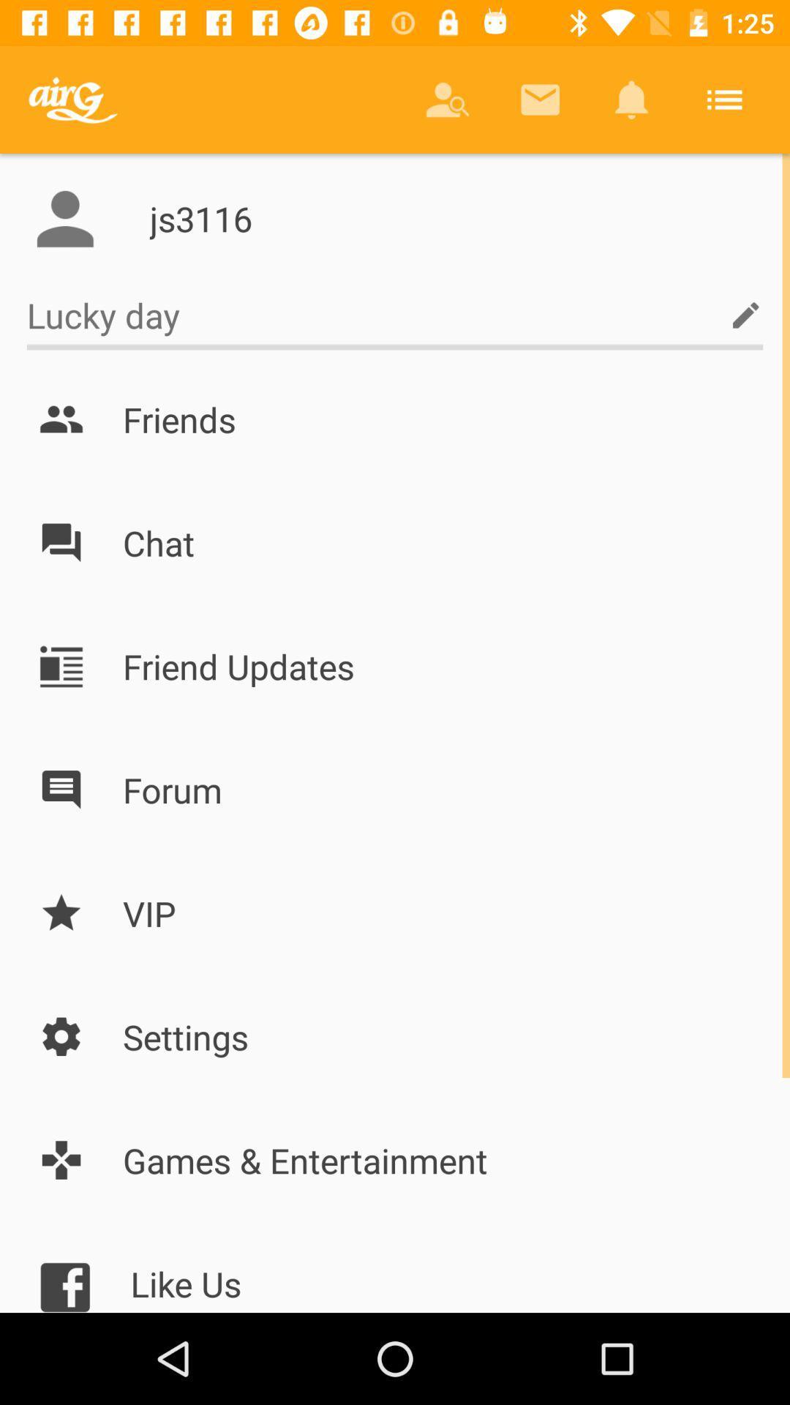 Image resolution: width=790 pixels, height=1405 pixels. I want to click on profile information, so click(64, 218).